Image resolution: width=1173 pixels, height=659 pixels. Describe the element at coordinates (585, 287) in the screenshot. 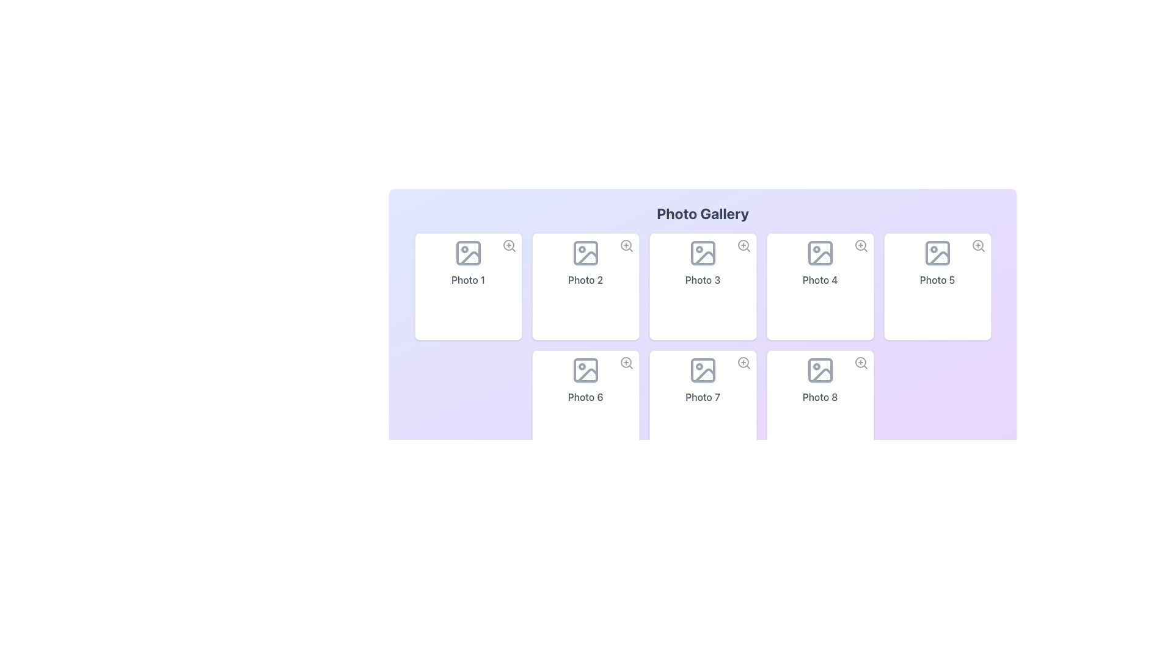

I see `the second card in the grid layout, which has a white background, rounded corners, and contains the label 'Photo 2' below a photo icon` at that location.